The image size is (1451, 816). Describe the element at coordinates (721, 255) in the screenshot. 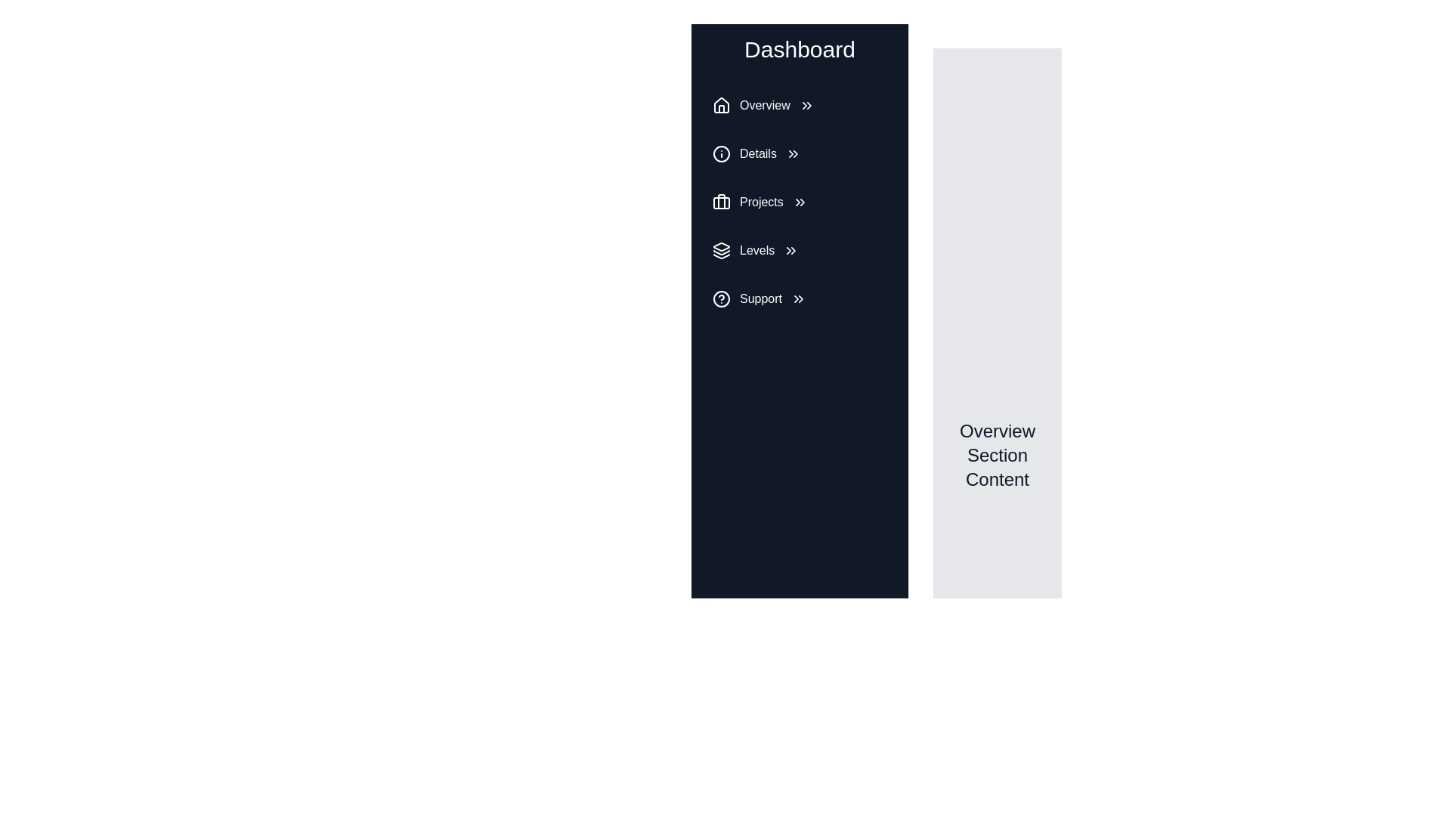

I see `the third stripe of the layered icon representing the 'Levels' menu item in the navigation section of the dashboard interface for interaction` at that location.